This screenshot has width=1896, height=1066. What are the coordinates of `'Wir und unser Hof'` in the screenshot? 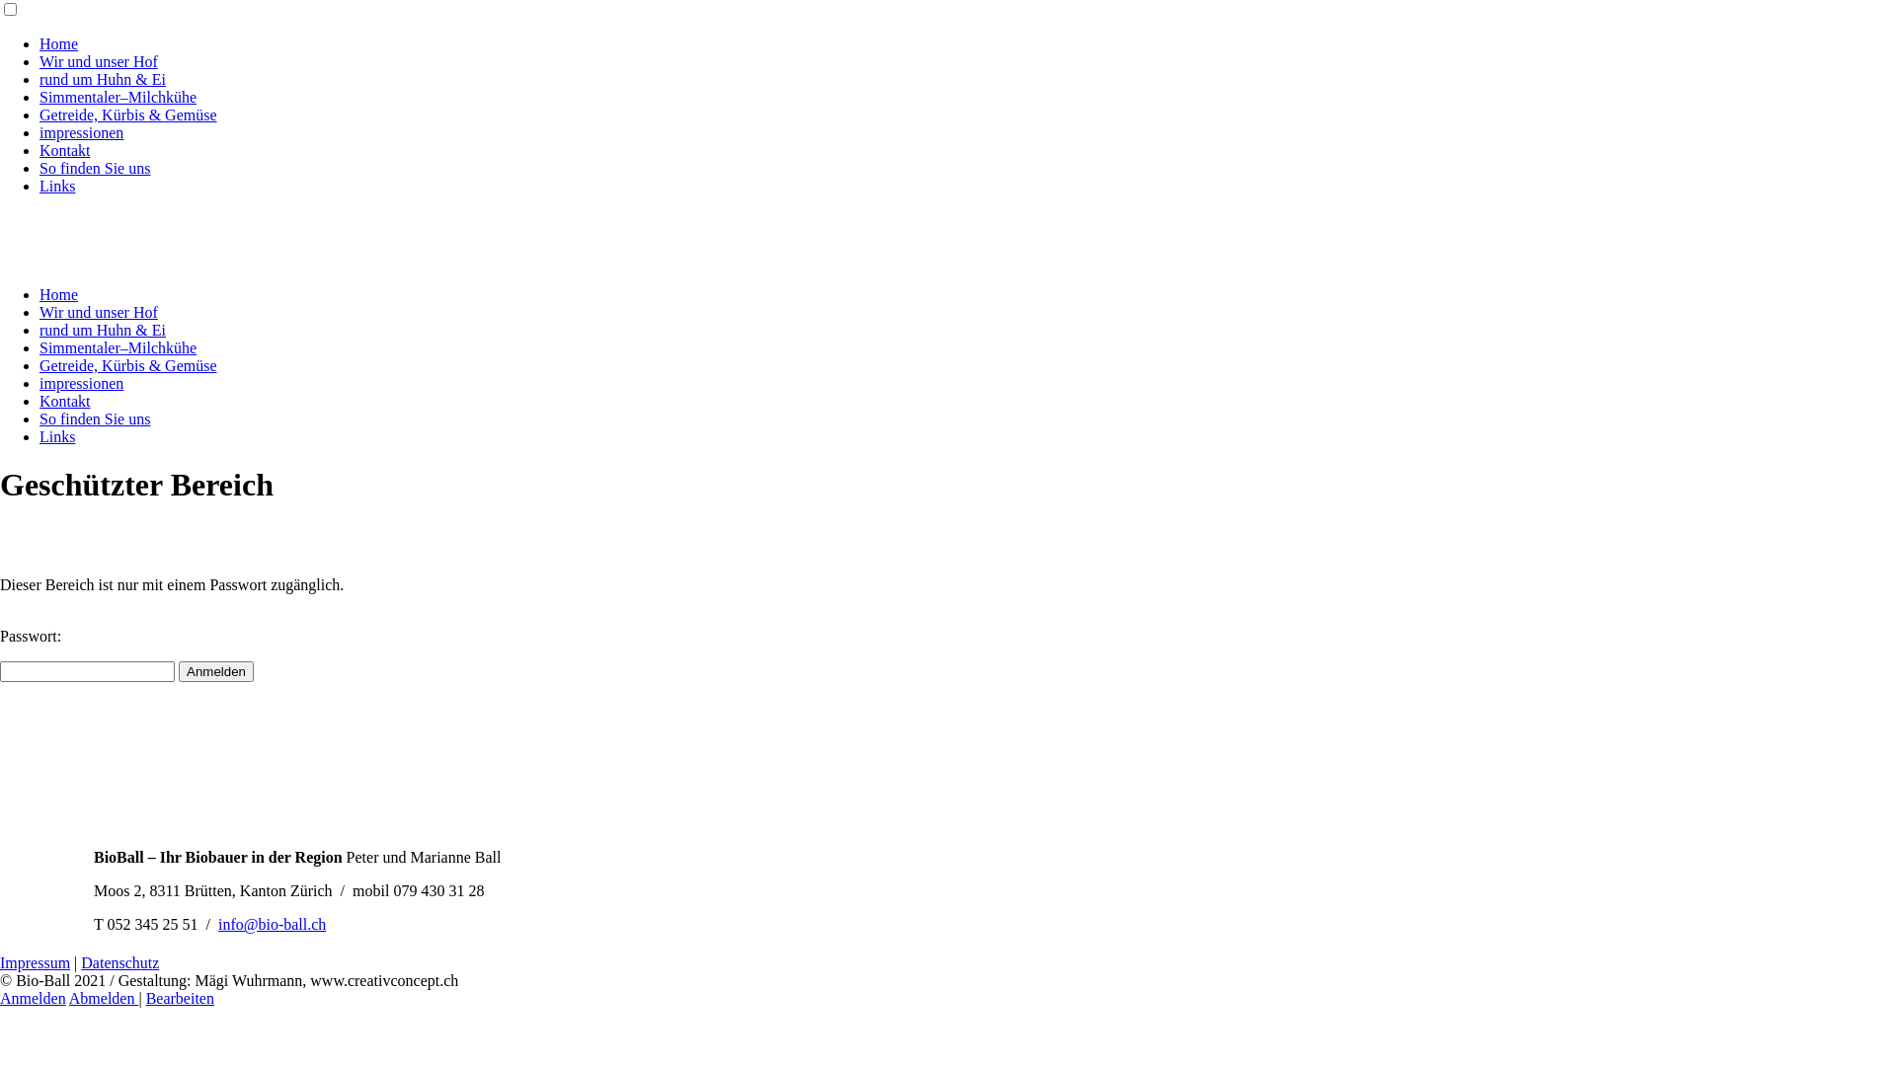 It's located at (39, 311).